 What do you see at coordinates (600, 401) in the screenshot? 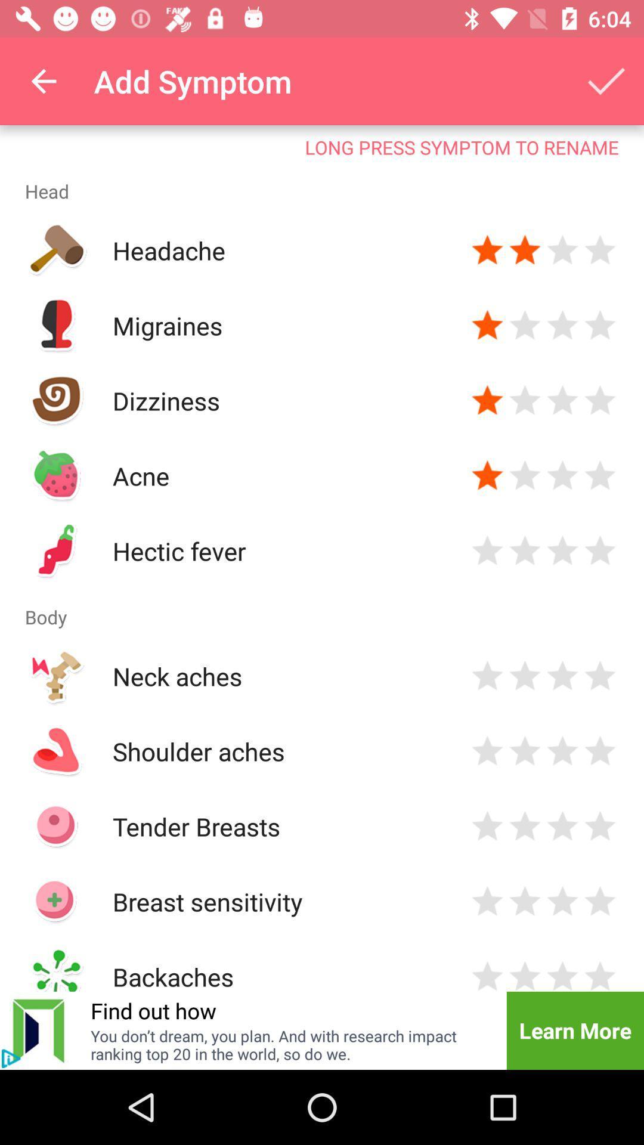
I see `4 star rating` at bounding box center [600, 401].